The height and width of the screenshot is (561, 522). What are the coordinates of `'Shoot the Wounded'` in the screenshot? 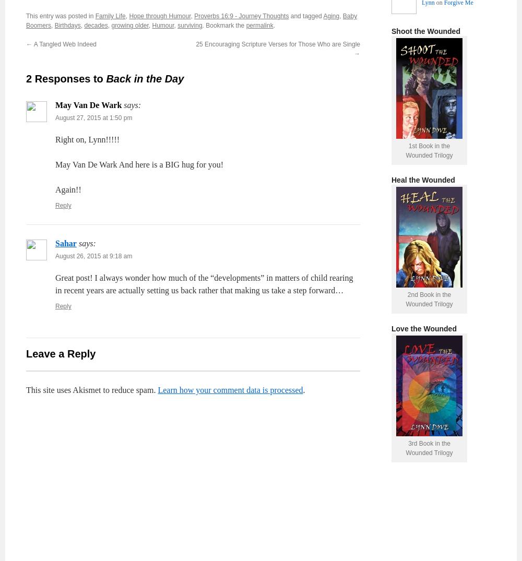 It's located at (425, 31).